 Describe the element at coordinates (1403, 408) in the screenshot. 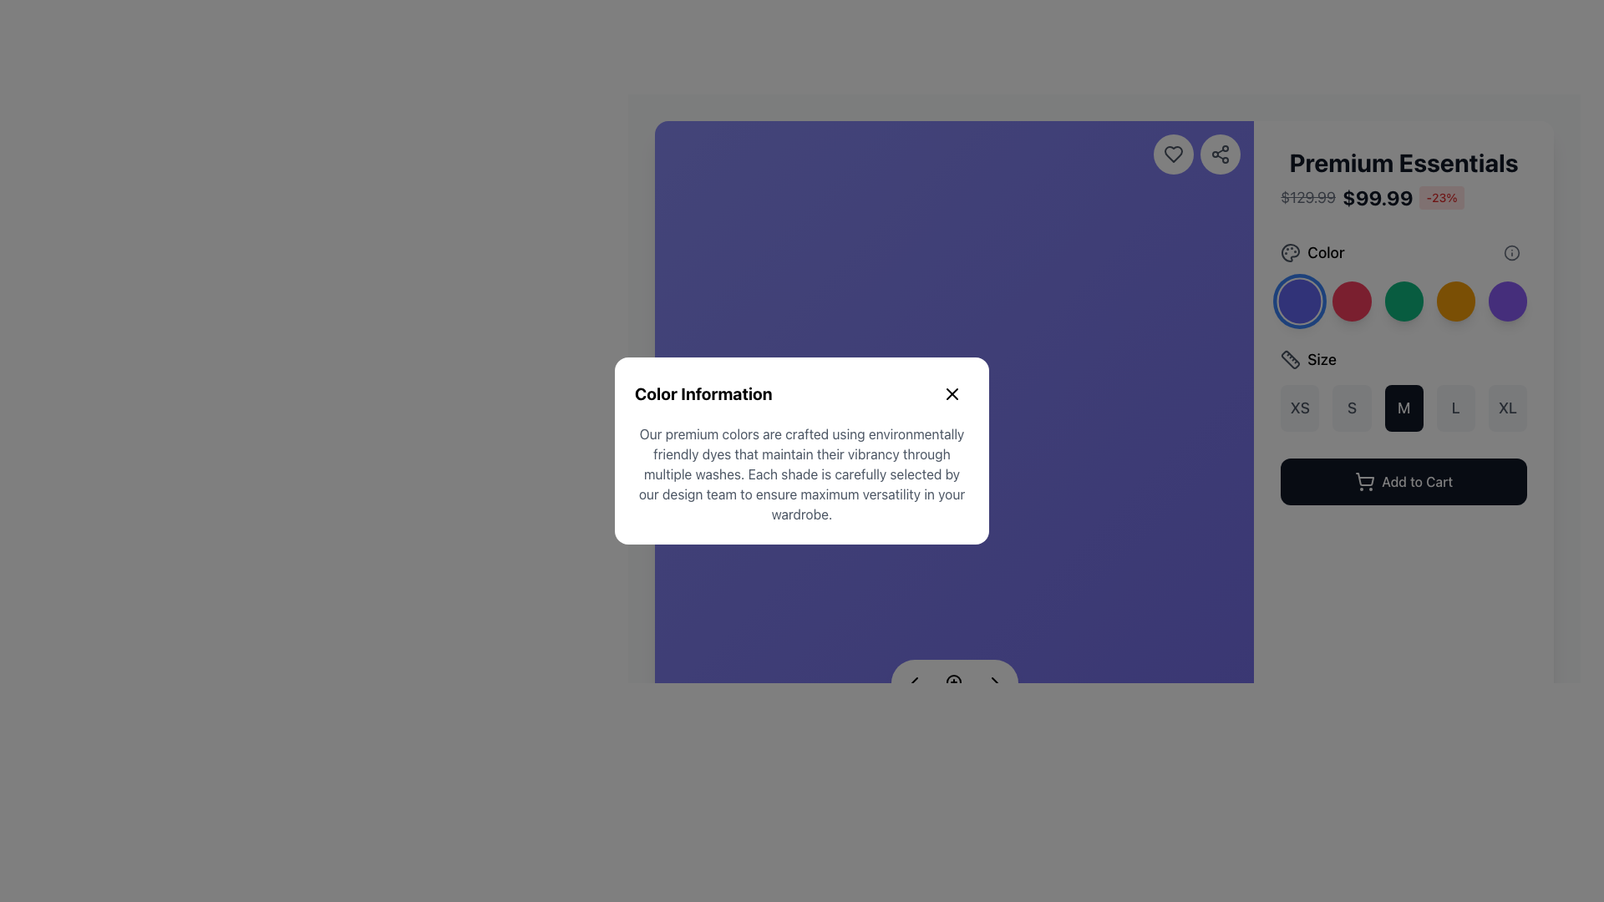

I see `the dark rectangular button with rounded corners labeled 'M'` at that location.